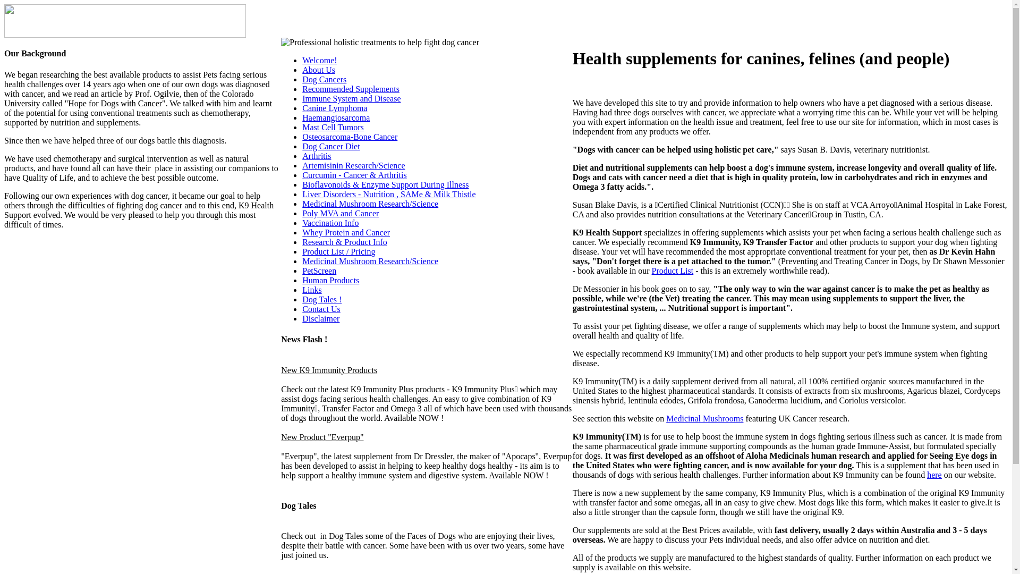  I want to click on 'Contact Us', so click(320, 309).